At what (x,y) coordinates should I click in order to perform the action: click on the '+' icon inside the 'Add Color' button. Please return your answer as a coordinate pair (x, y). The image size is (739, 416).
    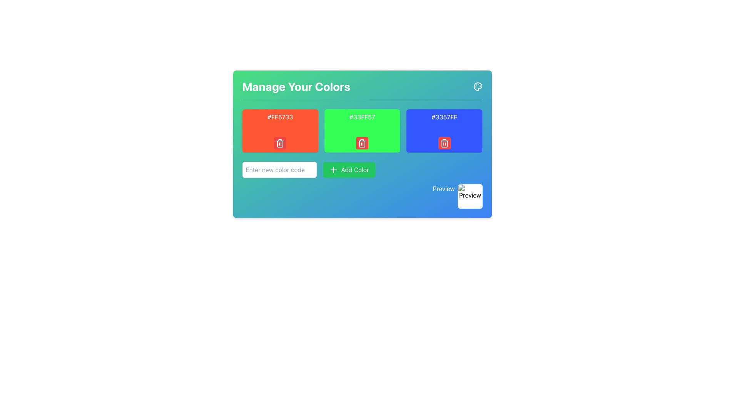
    Looking at the image, I should click on (333, 169).